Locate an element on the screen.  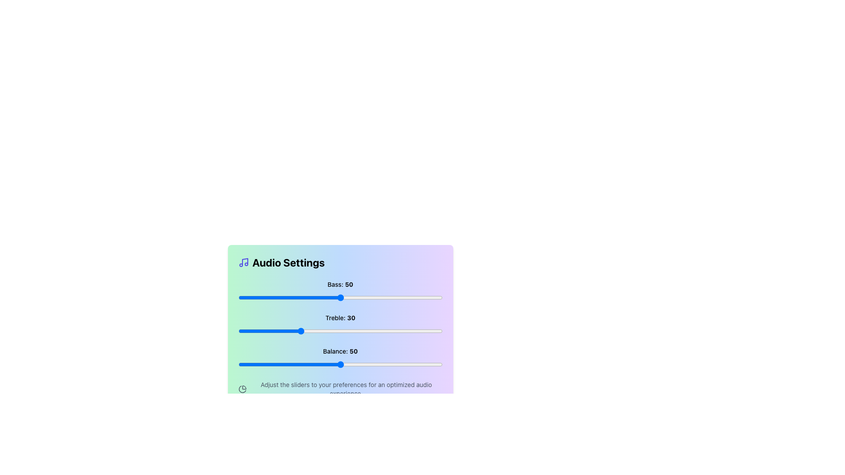
the bass level is located at coordinates (317, 297).